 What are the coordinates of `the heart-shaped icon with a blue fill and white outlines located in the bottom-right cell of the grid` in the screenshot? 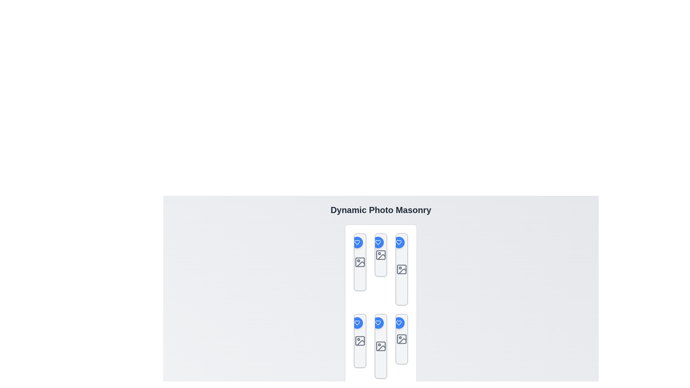 It's located at (398, 322).